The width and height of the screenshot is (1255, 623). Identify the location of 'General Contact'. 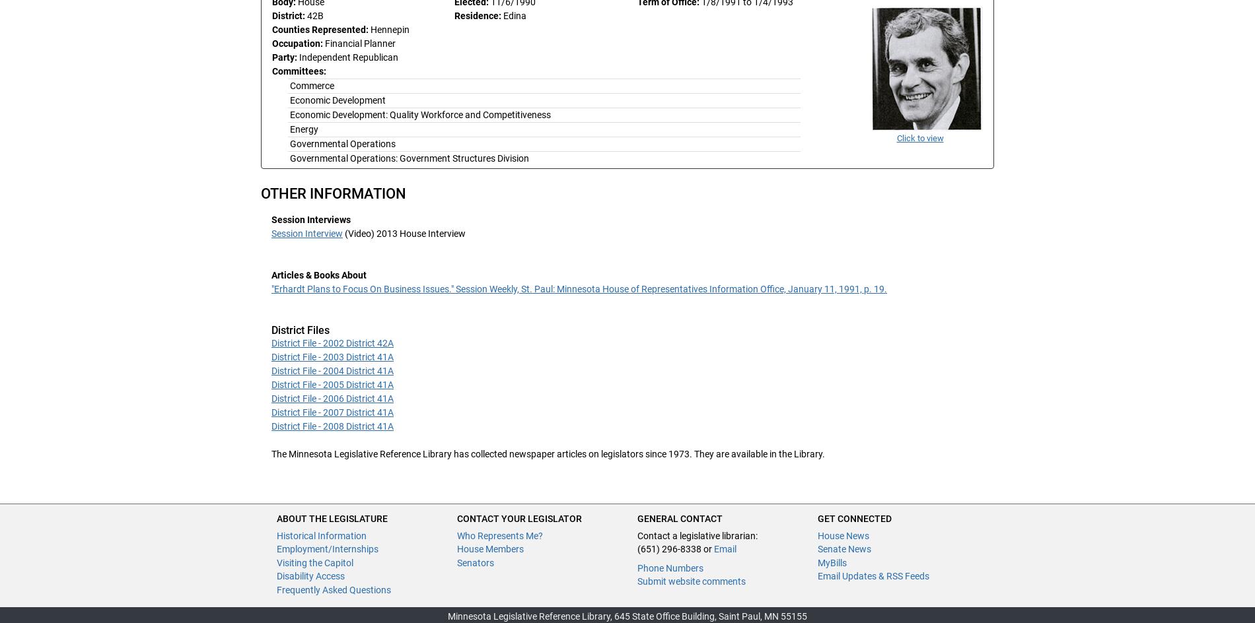
(680, 517).